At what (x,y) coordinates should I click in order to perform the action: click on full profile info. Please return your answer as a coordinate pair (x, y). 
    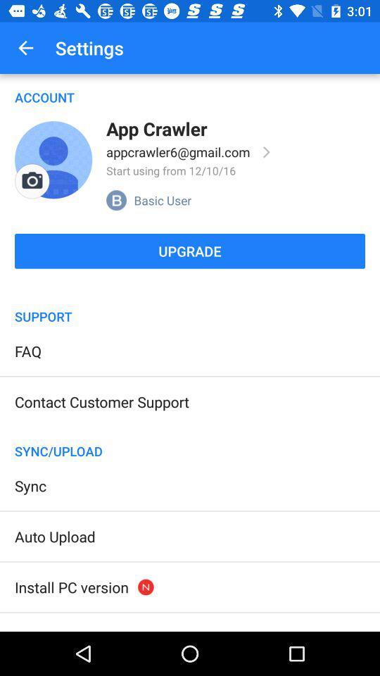
    Looking at the image, I should click on (267, 152).